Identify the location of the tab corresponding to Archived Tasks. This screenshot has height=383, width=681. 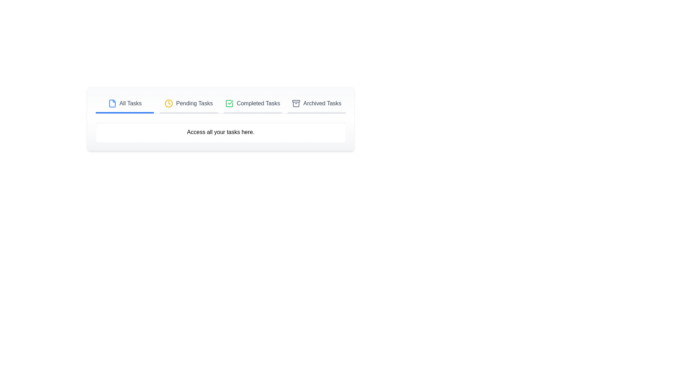
(316, 104).